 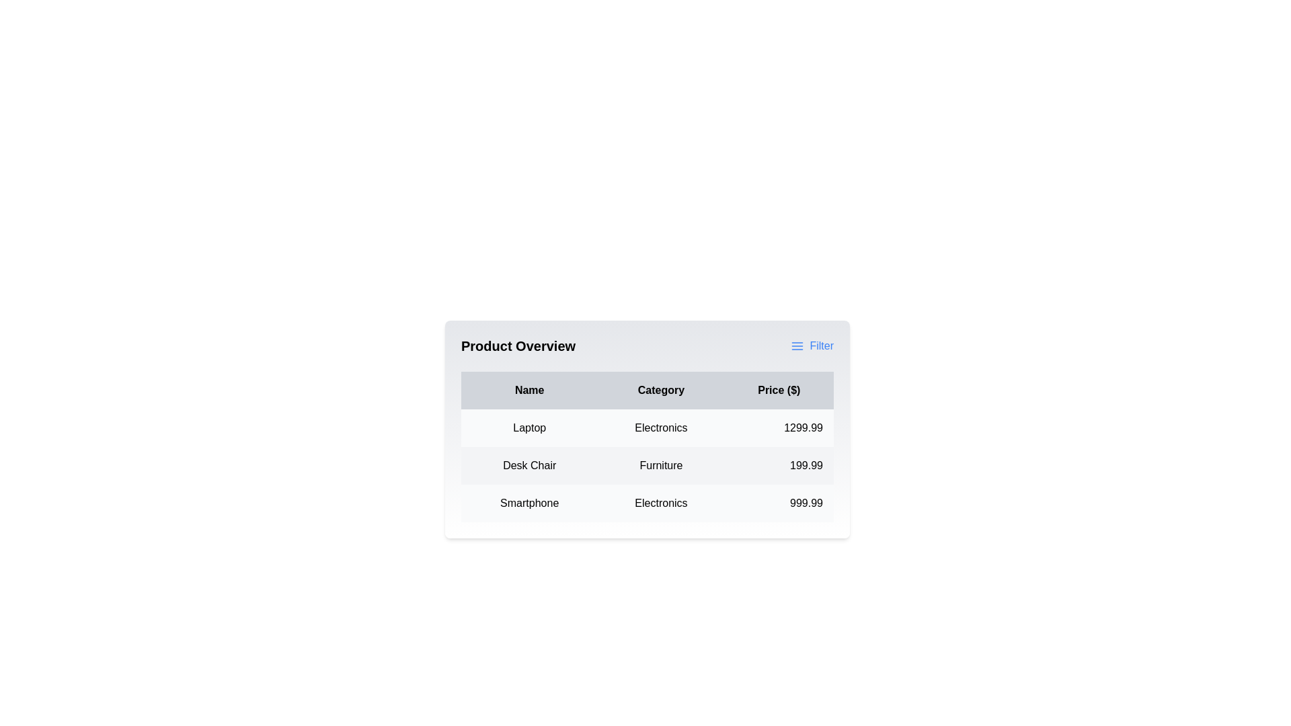 What do you see at coordinates (661, 391) in the screenshot?
I see `text label displaying 'Category' in bold typography located in the header row of a table, positioned between 'Name' and 'Price ($)'` at bounding box center [661, 391].